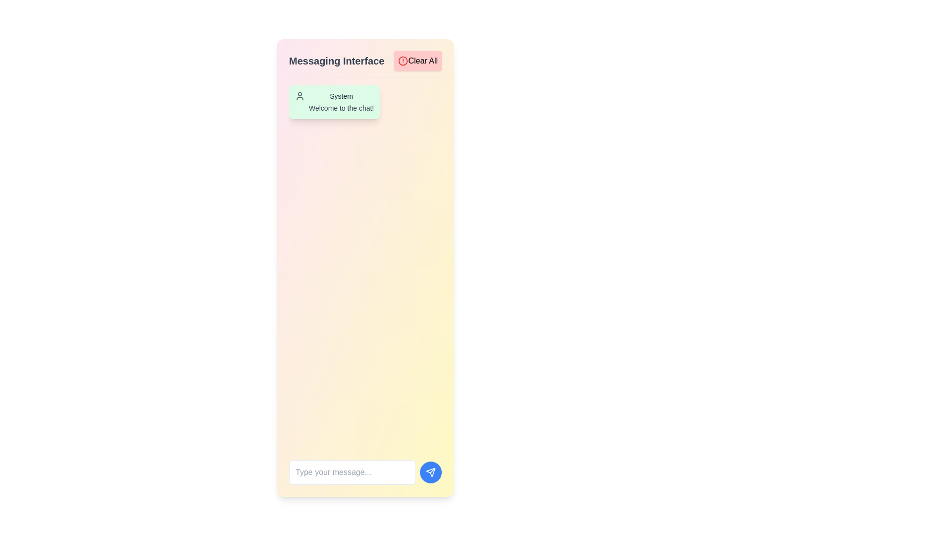  Describe the element at coordinates (299, 96) in the screenshot. I see `the user icon, which is a gray graphical representation of a person, located in the top-left corner of a rounded rectangular notification with a light green background, adjacent to the text 'System'` at that location.